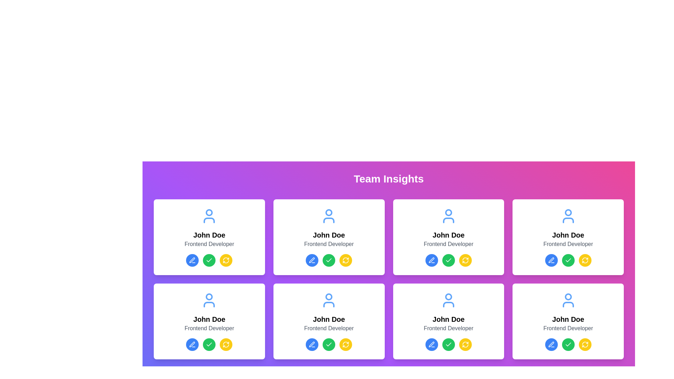  What do you see at coordinates (329, 344) in the screenshot?
I see `the middle button located at the bottom of the card in the second column of a grid layout` at bounding box center [329, 344].